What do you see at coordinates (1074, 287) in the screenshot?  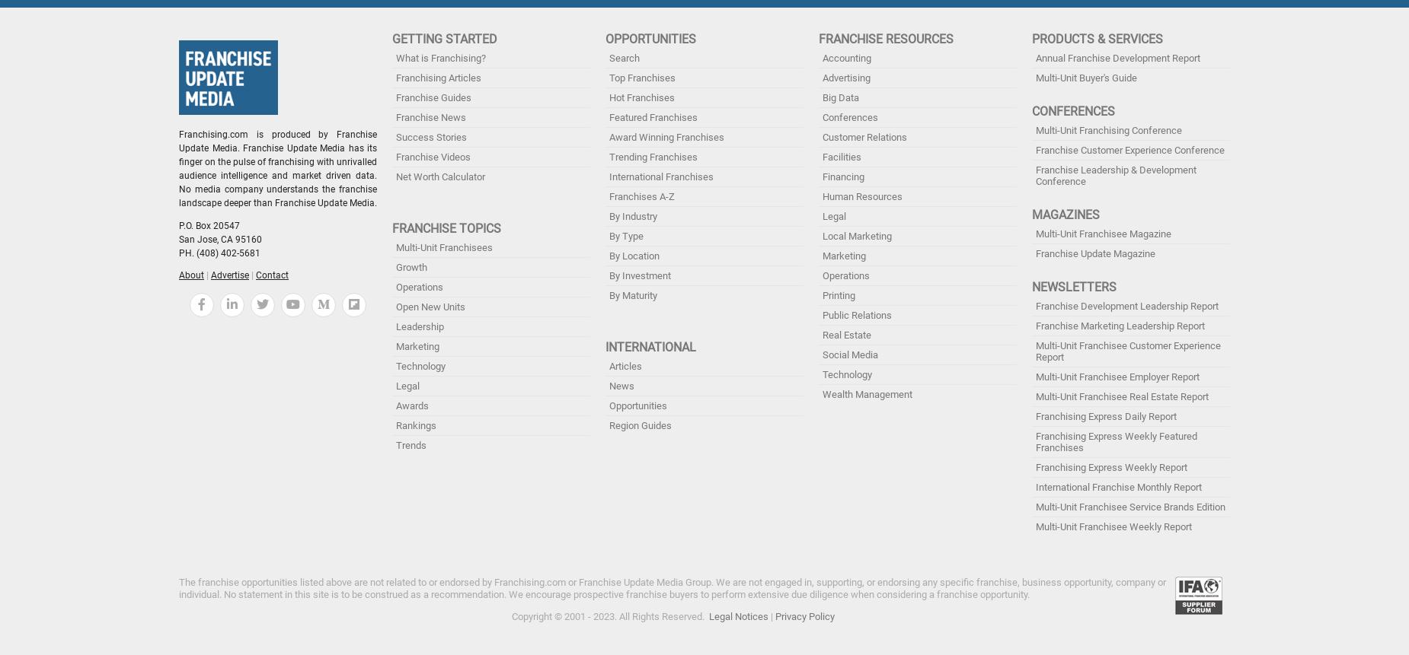 I see `'NEWSLETTERS'` at bounding box center [1074, 287].